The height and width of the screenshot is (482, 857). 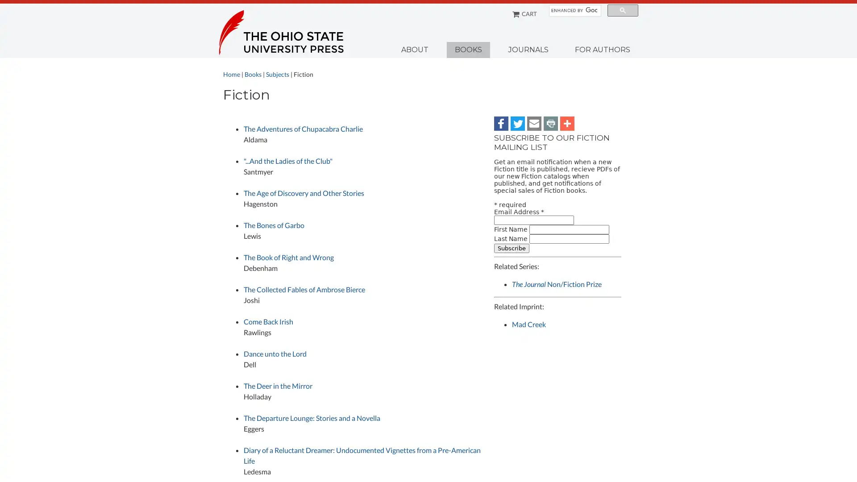 I want to click on Share to Print, so click(x=550, y=123).